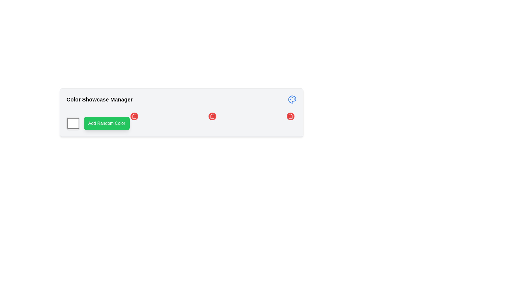 This screenshot has width=522, height=293. What do you see at coordinates (107, 123) in the screenshot?
I see `the green button labeled 'Add Random Color' to observe any hover effects` at bounding box center [107, 123].